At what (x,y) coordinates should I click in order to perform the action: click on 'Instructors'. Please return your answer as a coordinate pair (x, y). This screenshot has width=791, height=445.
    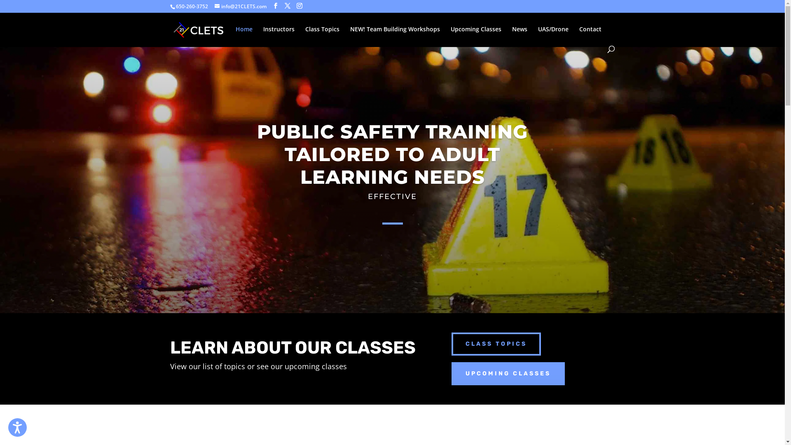
    Looking at the image, I should click on (278, 35).